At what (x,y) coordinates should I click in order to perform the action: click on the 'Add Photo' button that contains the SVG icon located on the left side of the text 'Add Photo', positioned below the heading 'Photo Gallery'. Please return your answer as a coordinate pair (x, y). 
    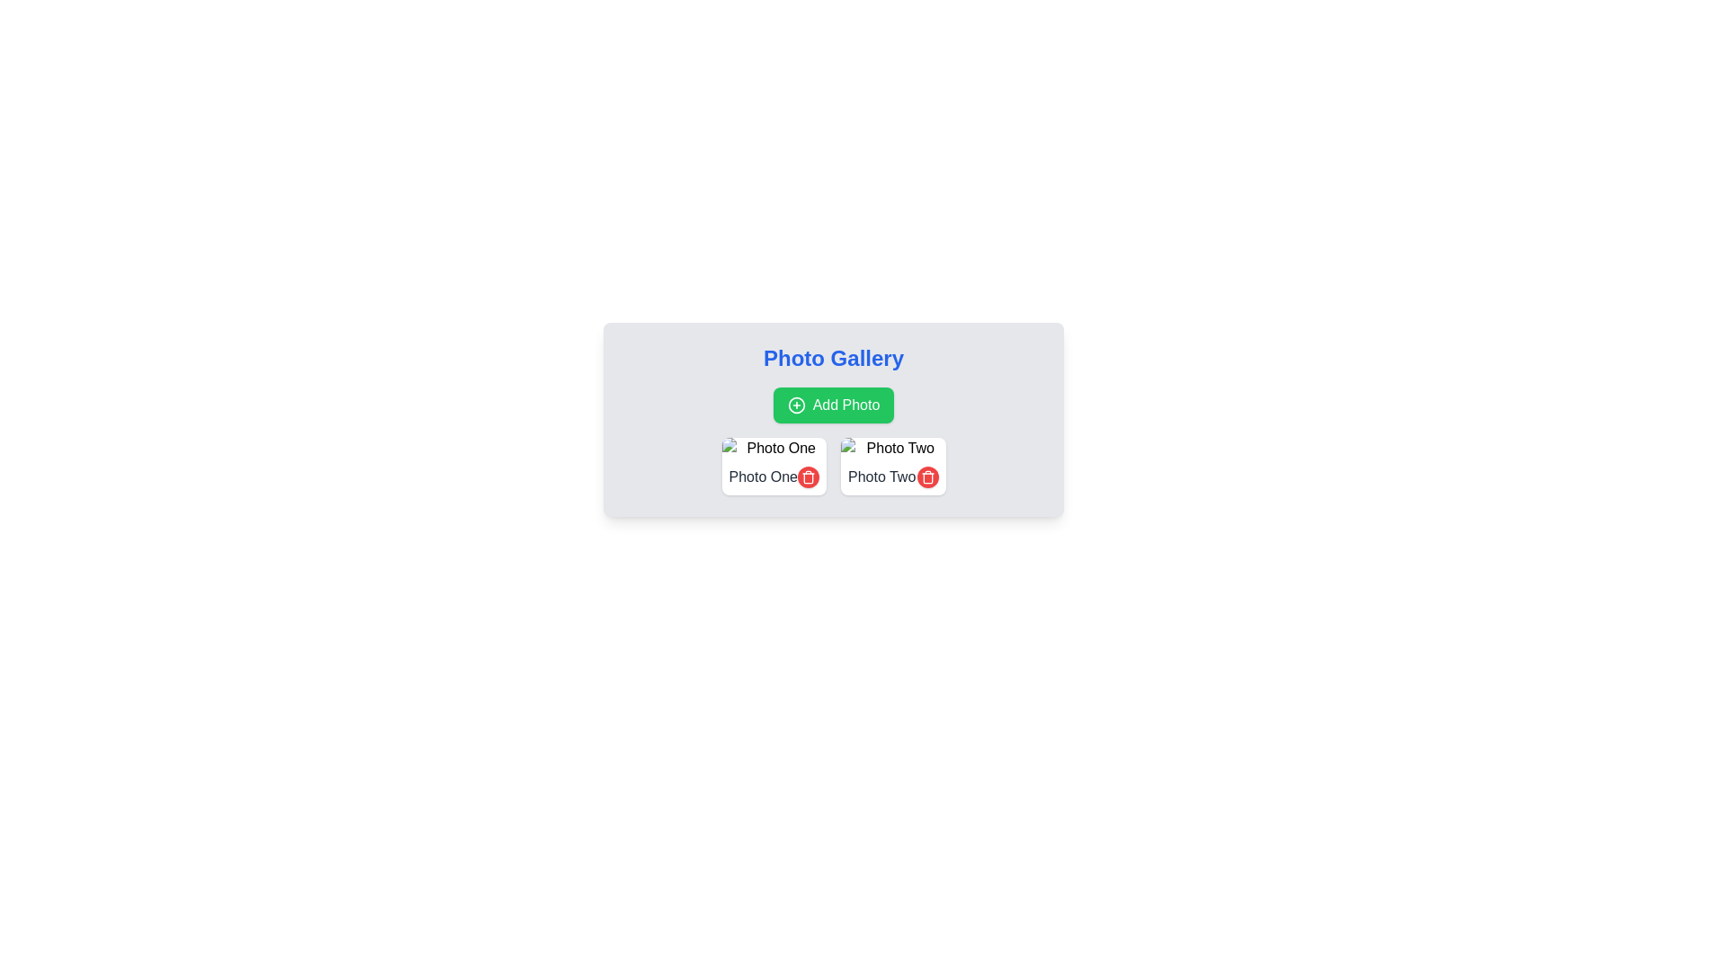
    Looking at the image, I should click on (795, 405).